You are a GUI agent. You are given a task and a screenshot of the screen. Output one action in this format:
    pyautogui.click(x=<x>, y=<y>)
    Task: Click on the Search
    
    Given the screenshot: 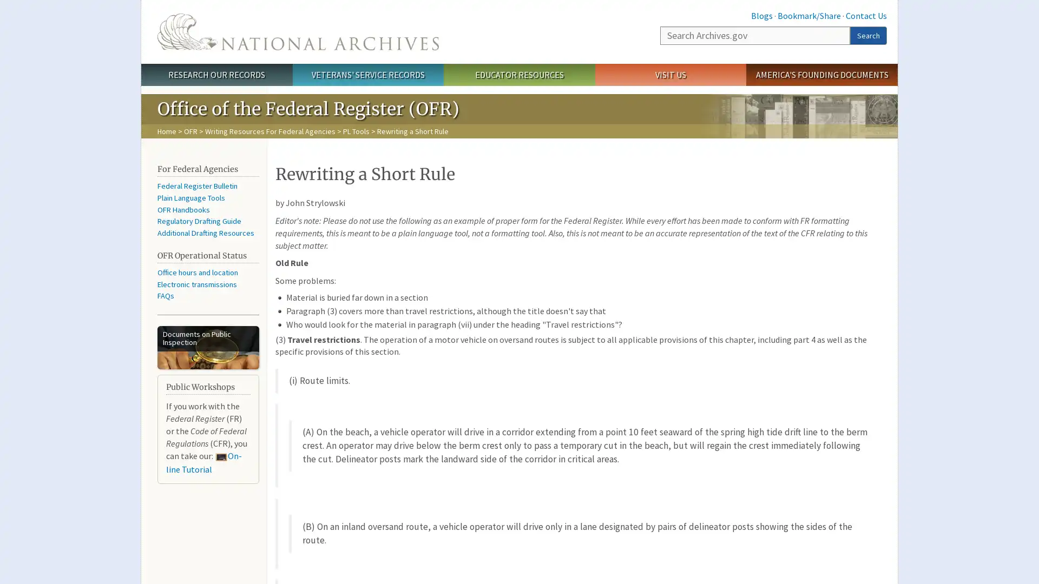 What is the action you would take?
    pyautogui.click(x=868, y=35)
    